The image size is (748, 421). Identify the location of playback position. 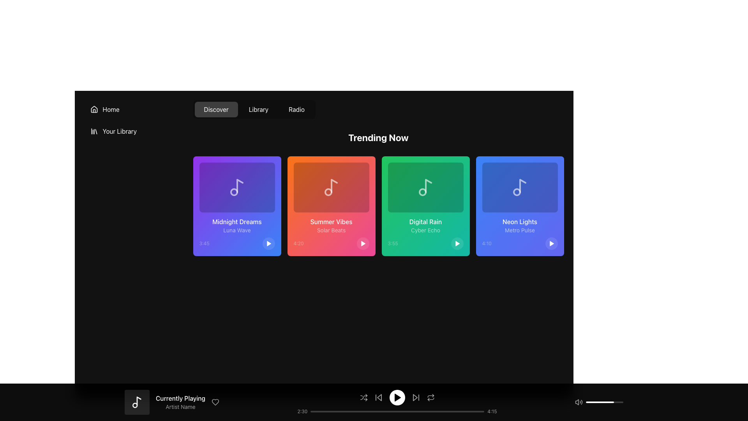
(368, 411).